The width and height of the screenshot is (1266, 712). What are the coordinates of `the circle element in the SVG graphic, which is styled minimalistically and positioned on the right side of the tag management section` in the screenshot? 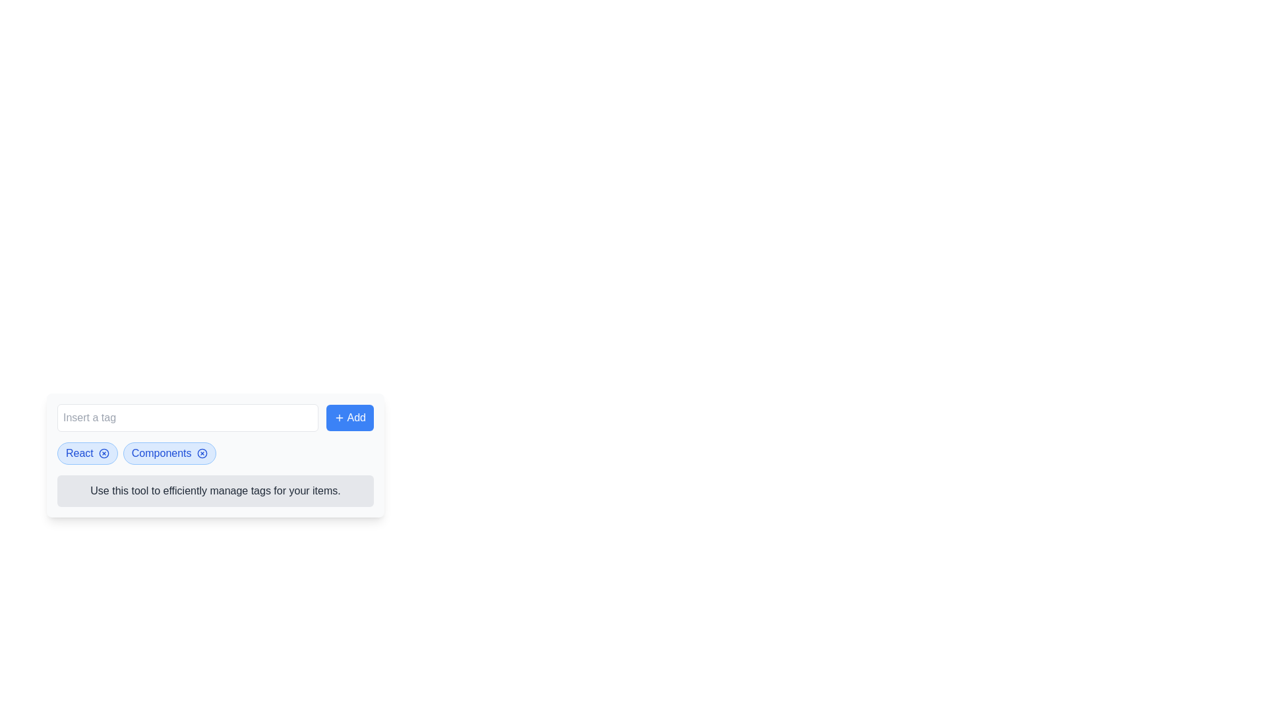 It's located at (103, 452).